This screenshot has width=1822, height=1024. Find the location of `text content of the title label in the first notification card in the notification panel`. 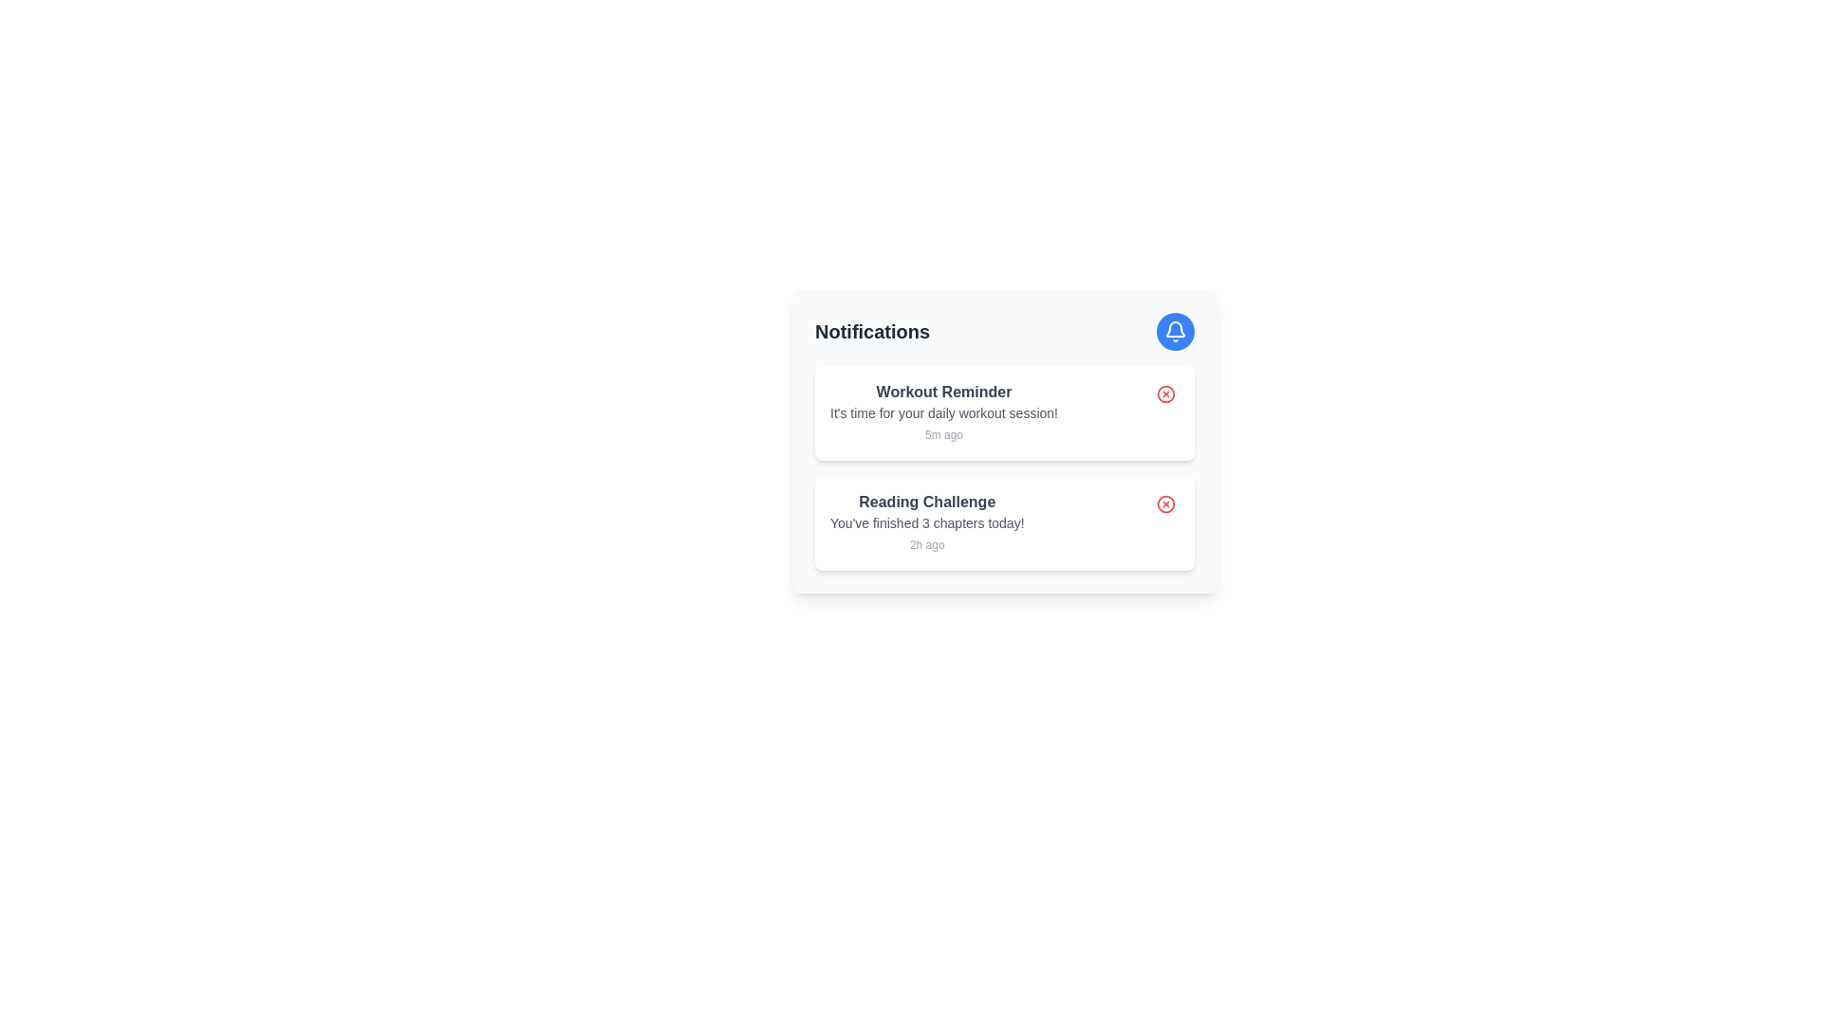

text content of the title label in the first notification card in the notification panel is located at coordinates (943, 391).